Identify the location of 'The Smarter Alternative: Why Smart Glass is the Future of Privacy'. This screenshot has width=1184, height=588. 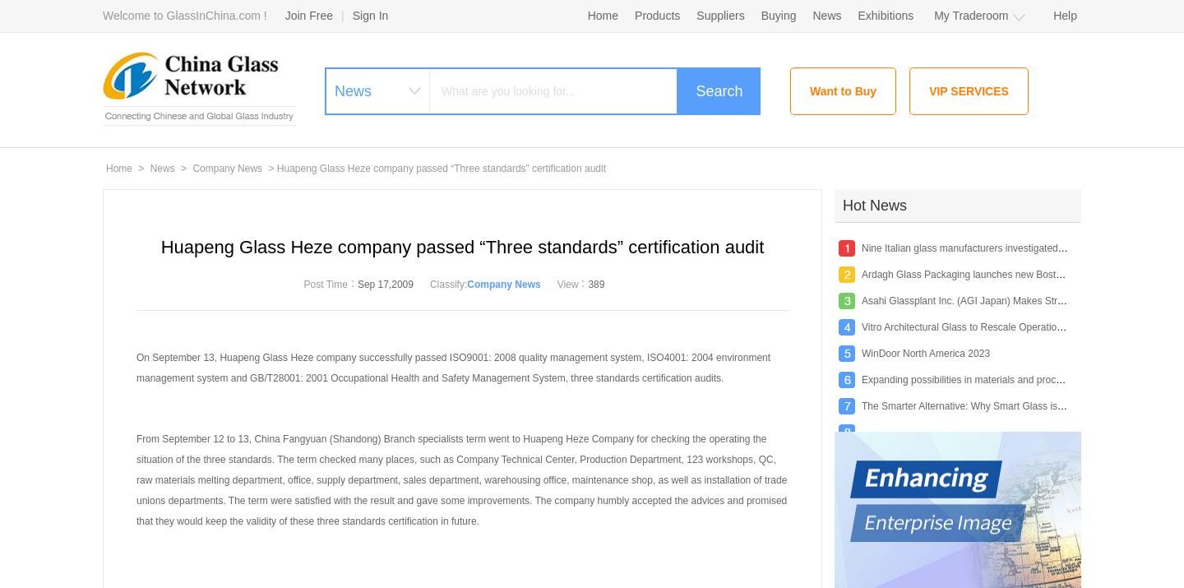
(1006, 405).